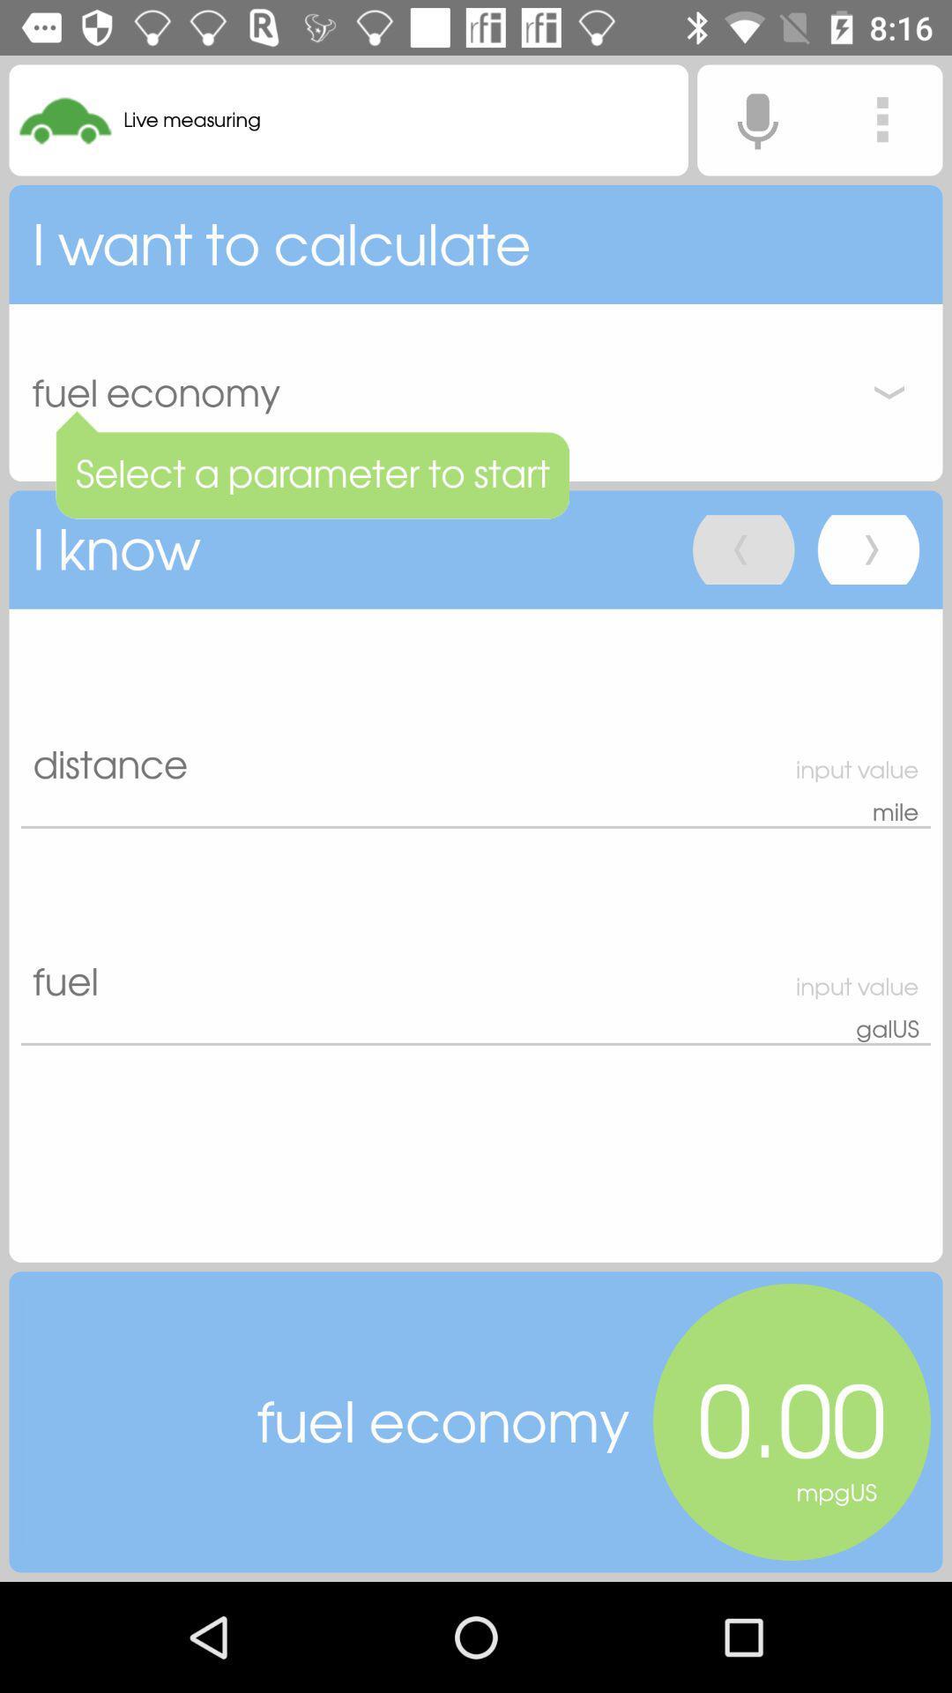 The image size is (952, 1693). What do you see at coordinates (867, 548) in the screenshot?
I see `go forward` at bounding box center [867, 548].